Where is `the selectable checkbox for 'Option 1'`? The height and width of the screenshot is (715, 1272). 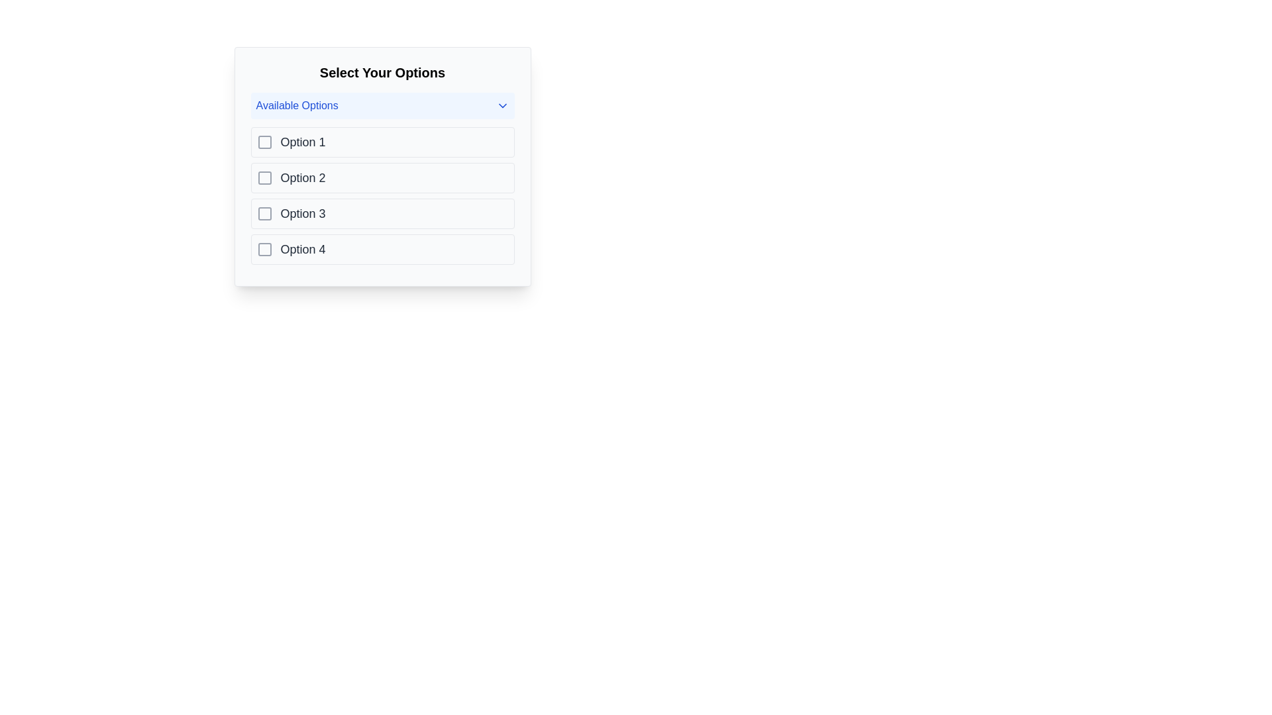 the selectable checkbox for 'Option 1' is located at coordinates (264, 142).